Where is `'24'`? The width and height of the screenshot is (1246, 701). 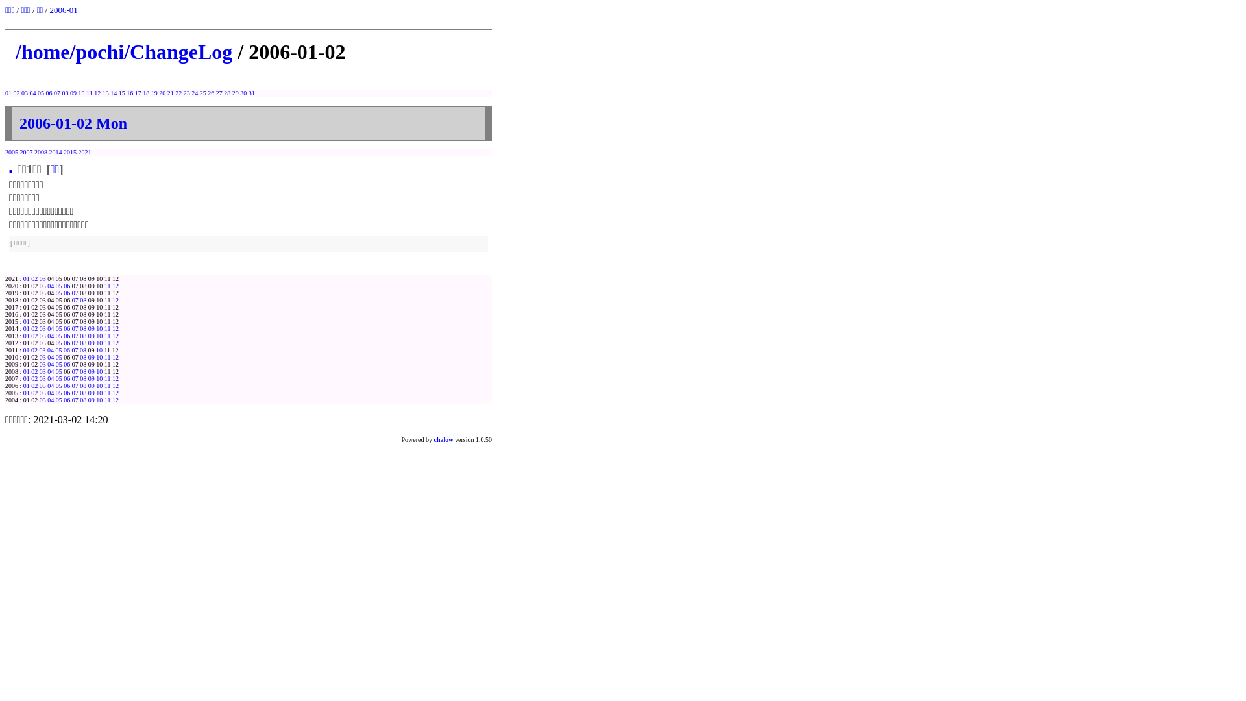 '24' is located at coordinates (190, 92).